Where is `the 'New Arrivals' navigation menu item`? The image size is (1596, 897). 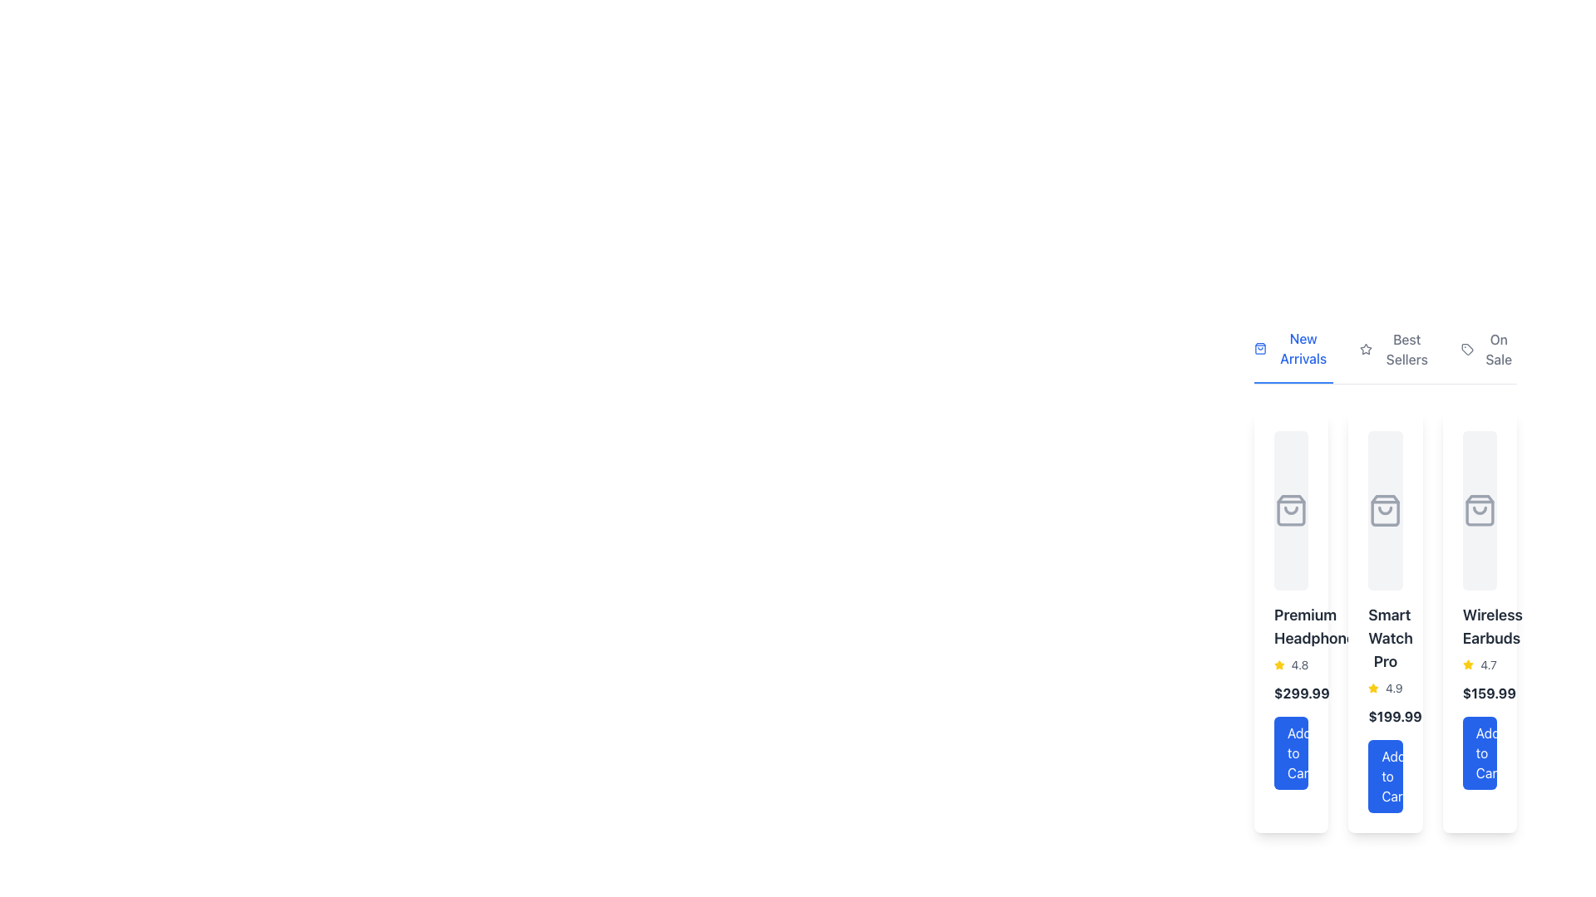
the 'New Arrivals' navigation menu item is located at coordinates (1385, 355).